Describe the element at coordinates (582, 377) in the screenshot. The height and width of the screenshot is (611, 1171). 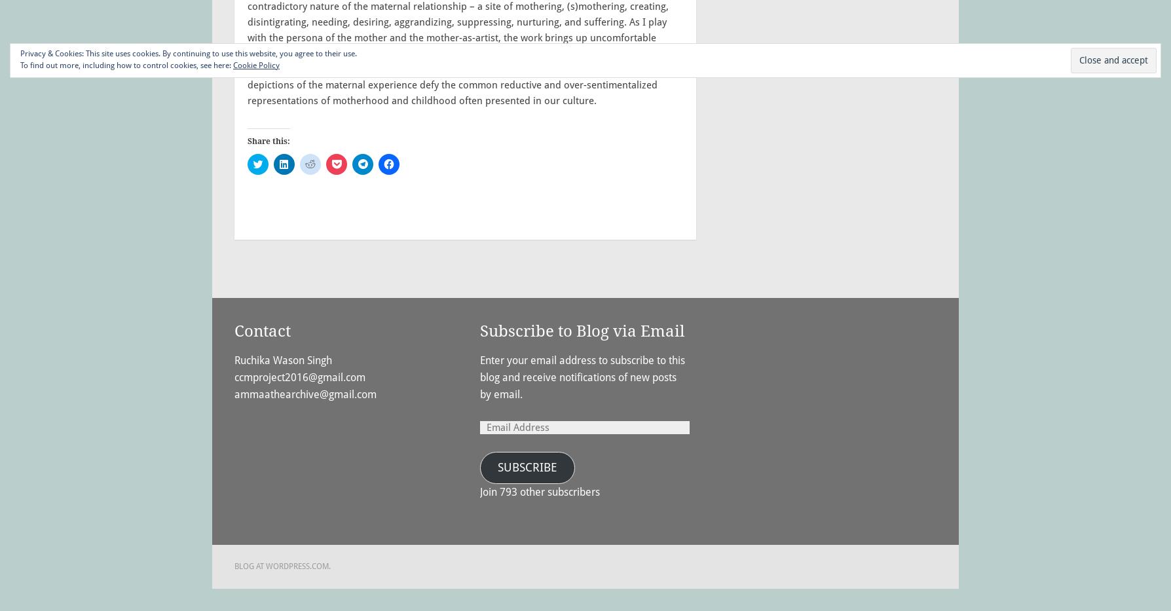
I see `'Enter your email address to subscribe to this blog and receive notifications of new posts by email.'` at that location.